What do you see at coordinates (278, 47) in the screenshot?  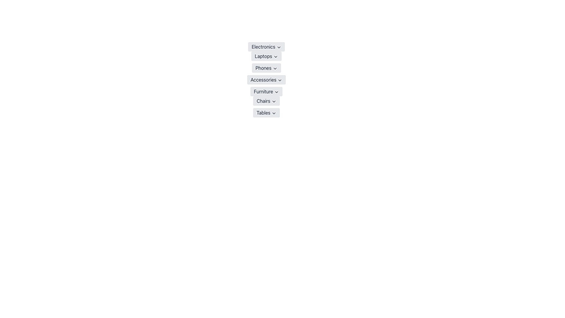 I see `the chevron icon indicating the dropdown menu for the 'Electronics' category` at bounding box center [278, 47].